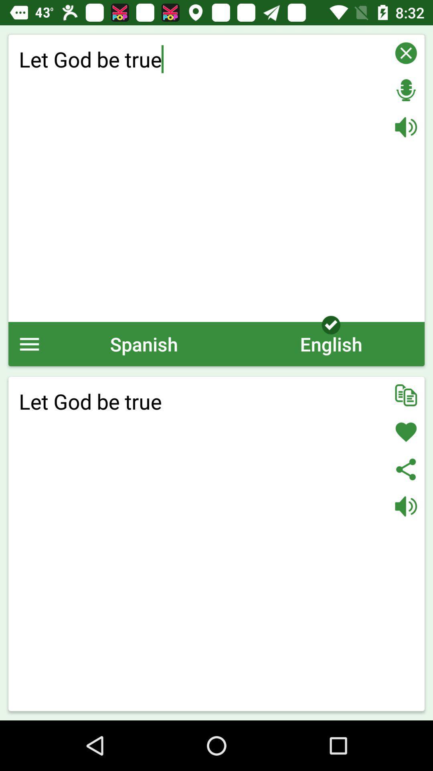 The height and width of the screenshot is (771, 433). Describe the element at coordinates (406, 506) in the screenshot. I see `audio on` at that location.